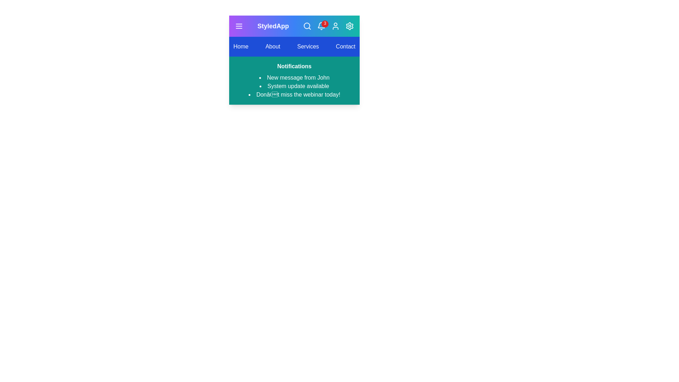 This screenshot has height=382, width=679. Describe the element at coordinates (294, 46) in the screenshot. I see `the 'Services' menu option in the blue navigation bar` at that location.